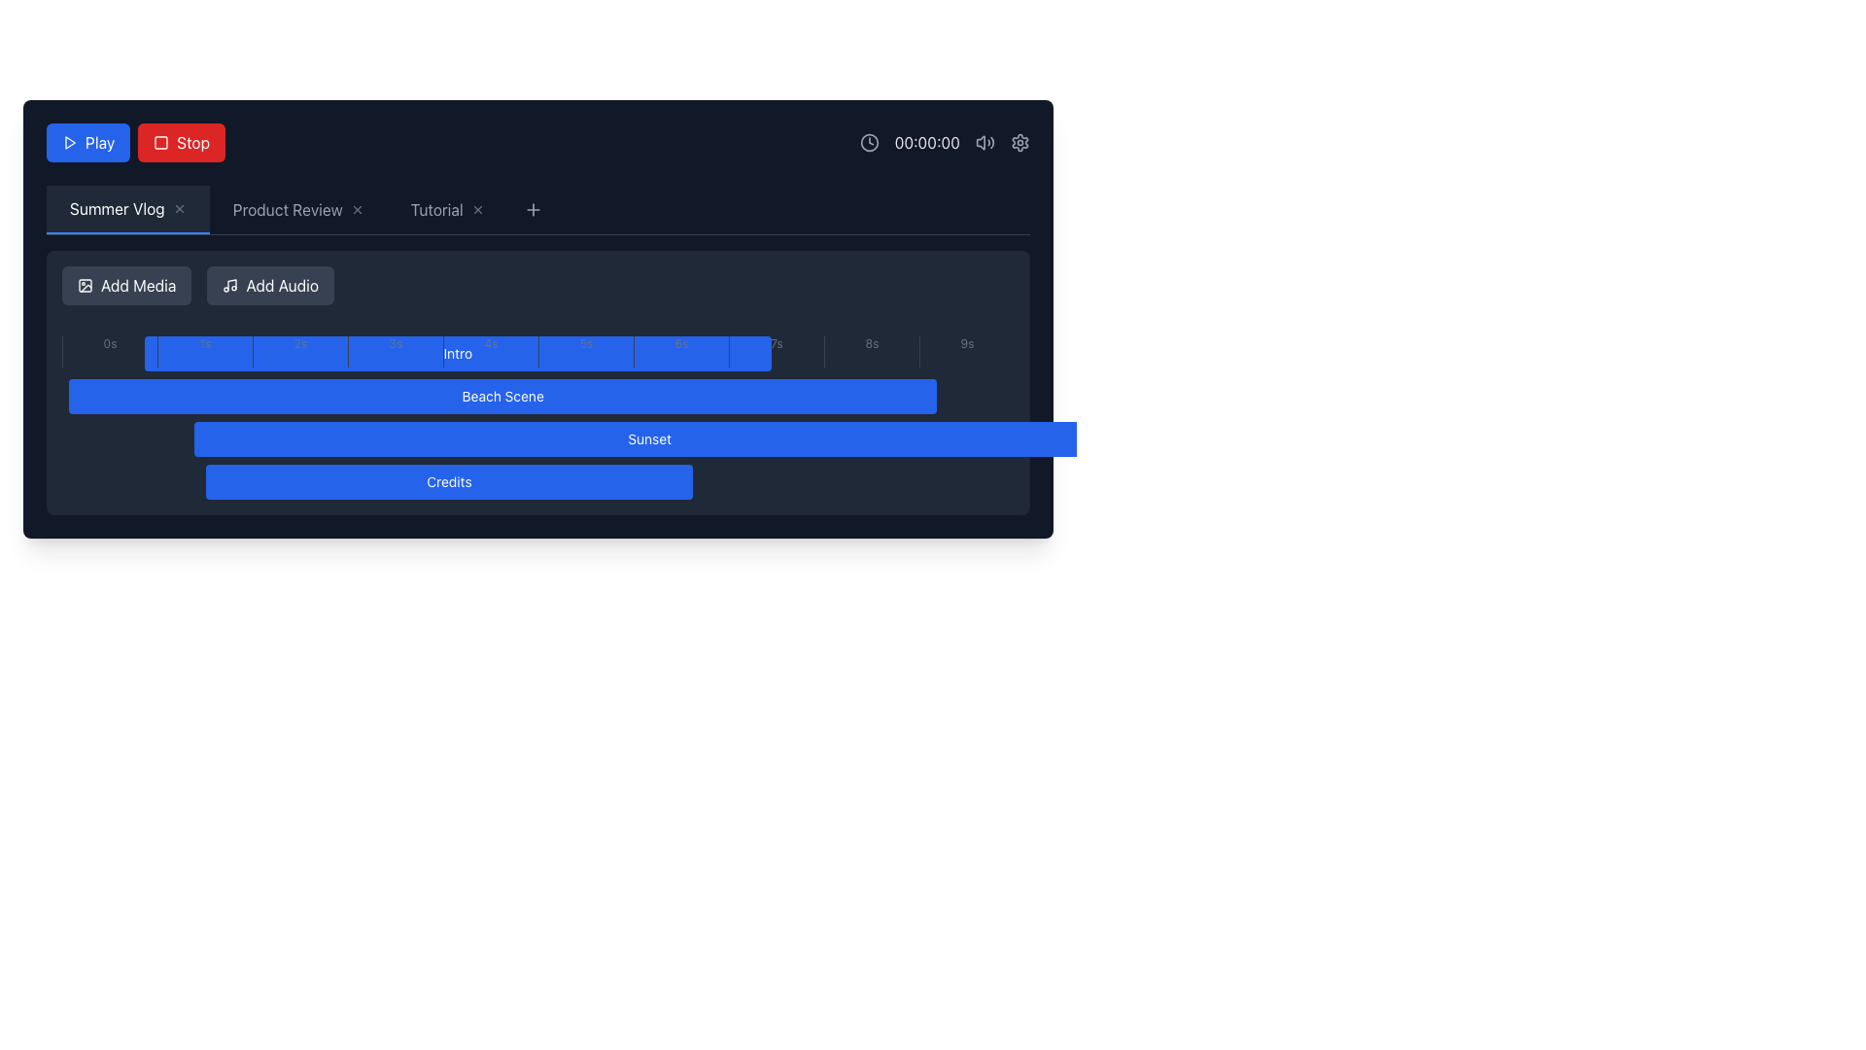 The image size is (1866, 1050). What do you see at coordinates (287, 210) in the screenshot?
I see `the static text label that displays 'Product Review', which is styled in light color on a dark background and positioned between 'Summer Vlog' and 'Tutorial' in the navigation tab` at bounding box center [287, 210].